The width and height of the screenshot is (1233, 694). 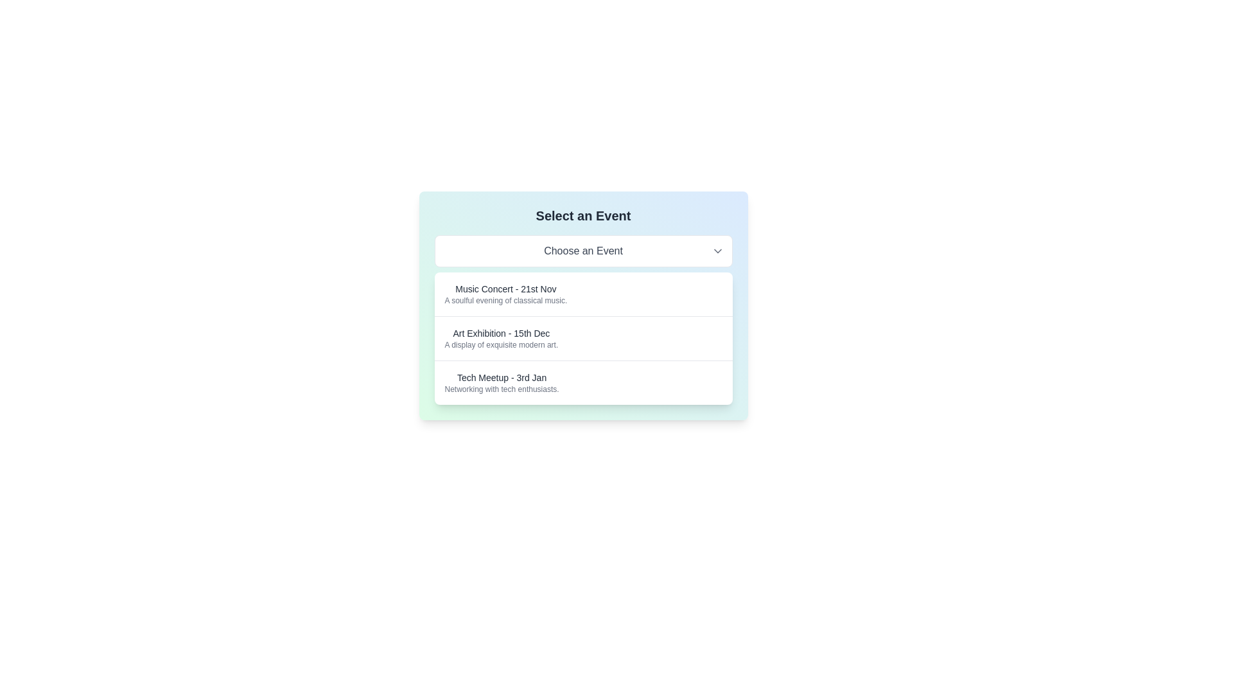 What do you see at coordinates (500, 344) in the screenshot?
I see `the text label that provides a brief description of the event titled 'Art Exhibition - 15th Dec', located below the main title in a vertical list of items` at bounding box center [500, 344].